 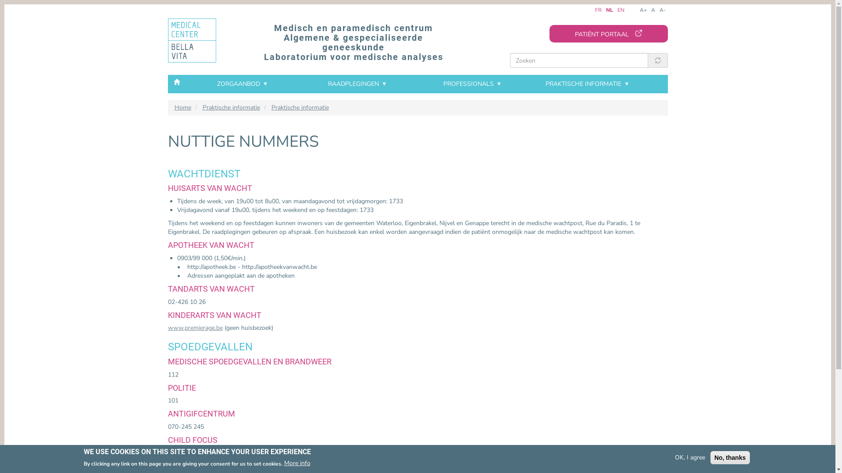 What do you see at coordinates (472, 84) in the screenshot?
I see `'PROFESSIONALS'` at bounding box center [472, 84].